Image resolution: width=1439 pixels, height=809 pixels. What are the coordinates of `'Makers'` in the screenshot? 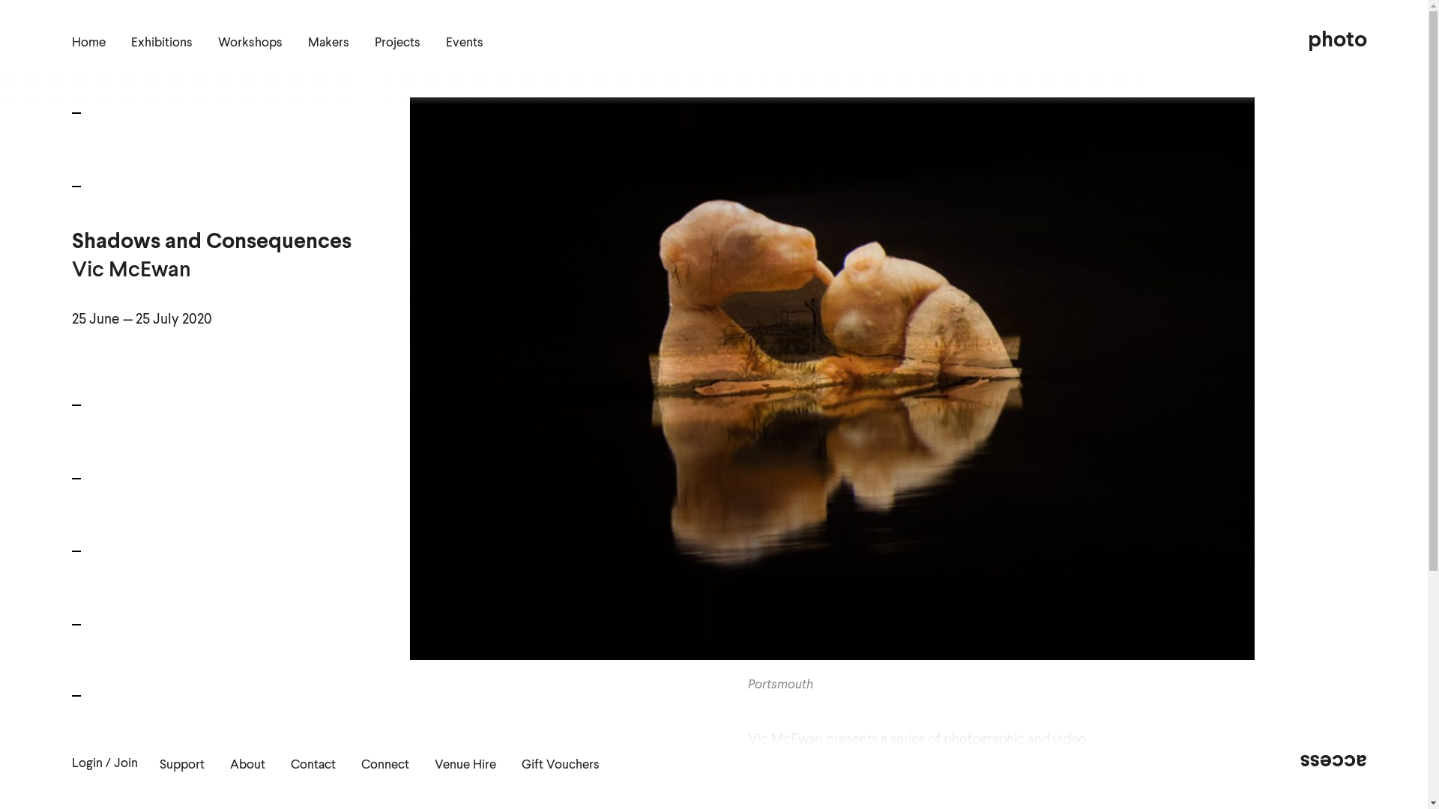 It's located at (328, 42).